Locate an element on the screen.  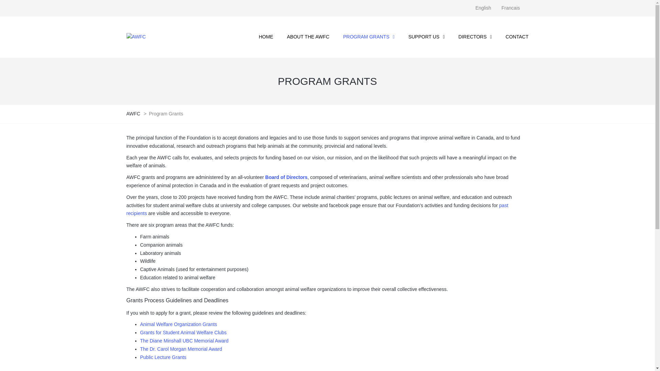
'HOME' is located at coordinates (252, 37).